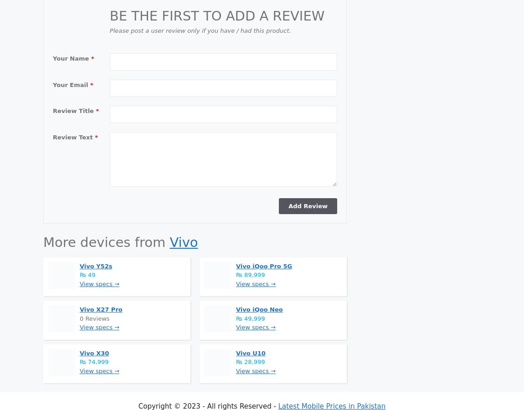 The width and height of the screenshot is (524, 410). Describe the element at coordinates (100, 309) in the screenshot. I see `'Vivo X27 Pro'` at that location.